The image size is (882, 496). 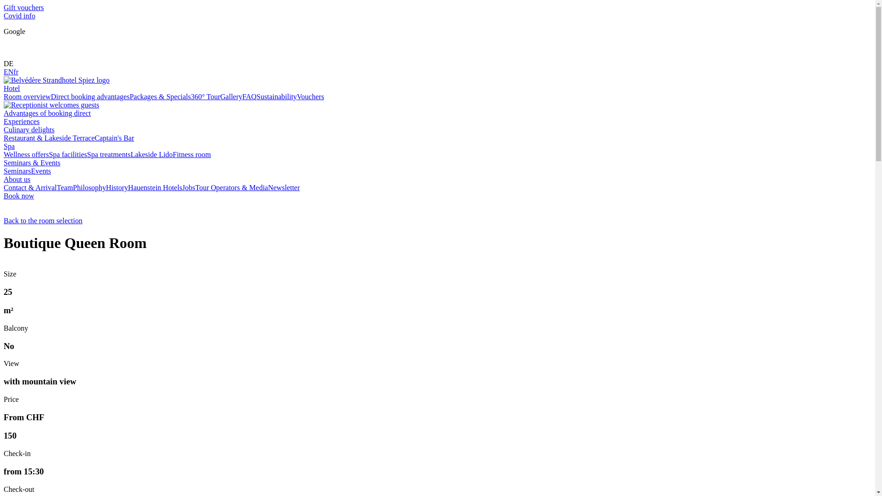 What do you see at coordinates (4, 216) in the screenshot?
I see `'Back to the room selection'` at bounding box center [4, 216].